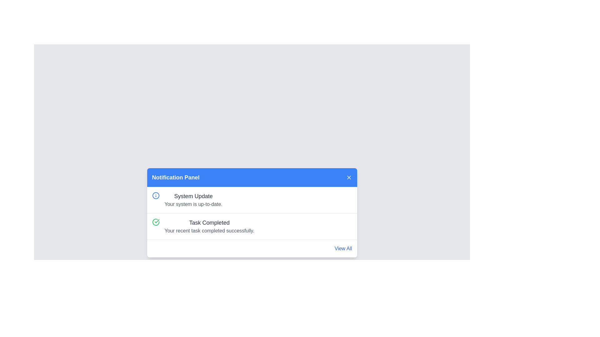  Describe the element at coordinates (348, 178) in the screenshot. I see `the close icon represented as an 'X' located at the top-right corner of the blue header bar of the Notification Panel` at that location.